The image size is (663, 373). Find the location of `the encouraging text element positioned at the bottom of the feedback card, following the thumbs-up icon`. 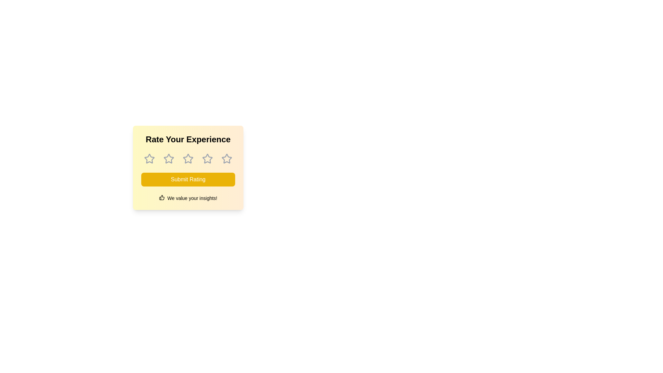

the encouraging text element positioned at the bottom of the feedback card, following the thumbs-up icon is located at coordinates (192, 198).